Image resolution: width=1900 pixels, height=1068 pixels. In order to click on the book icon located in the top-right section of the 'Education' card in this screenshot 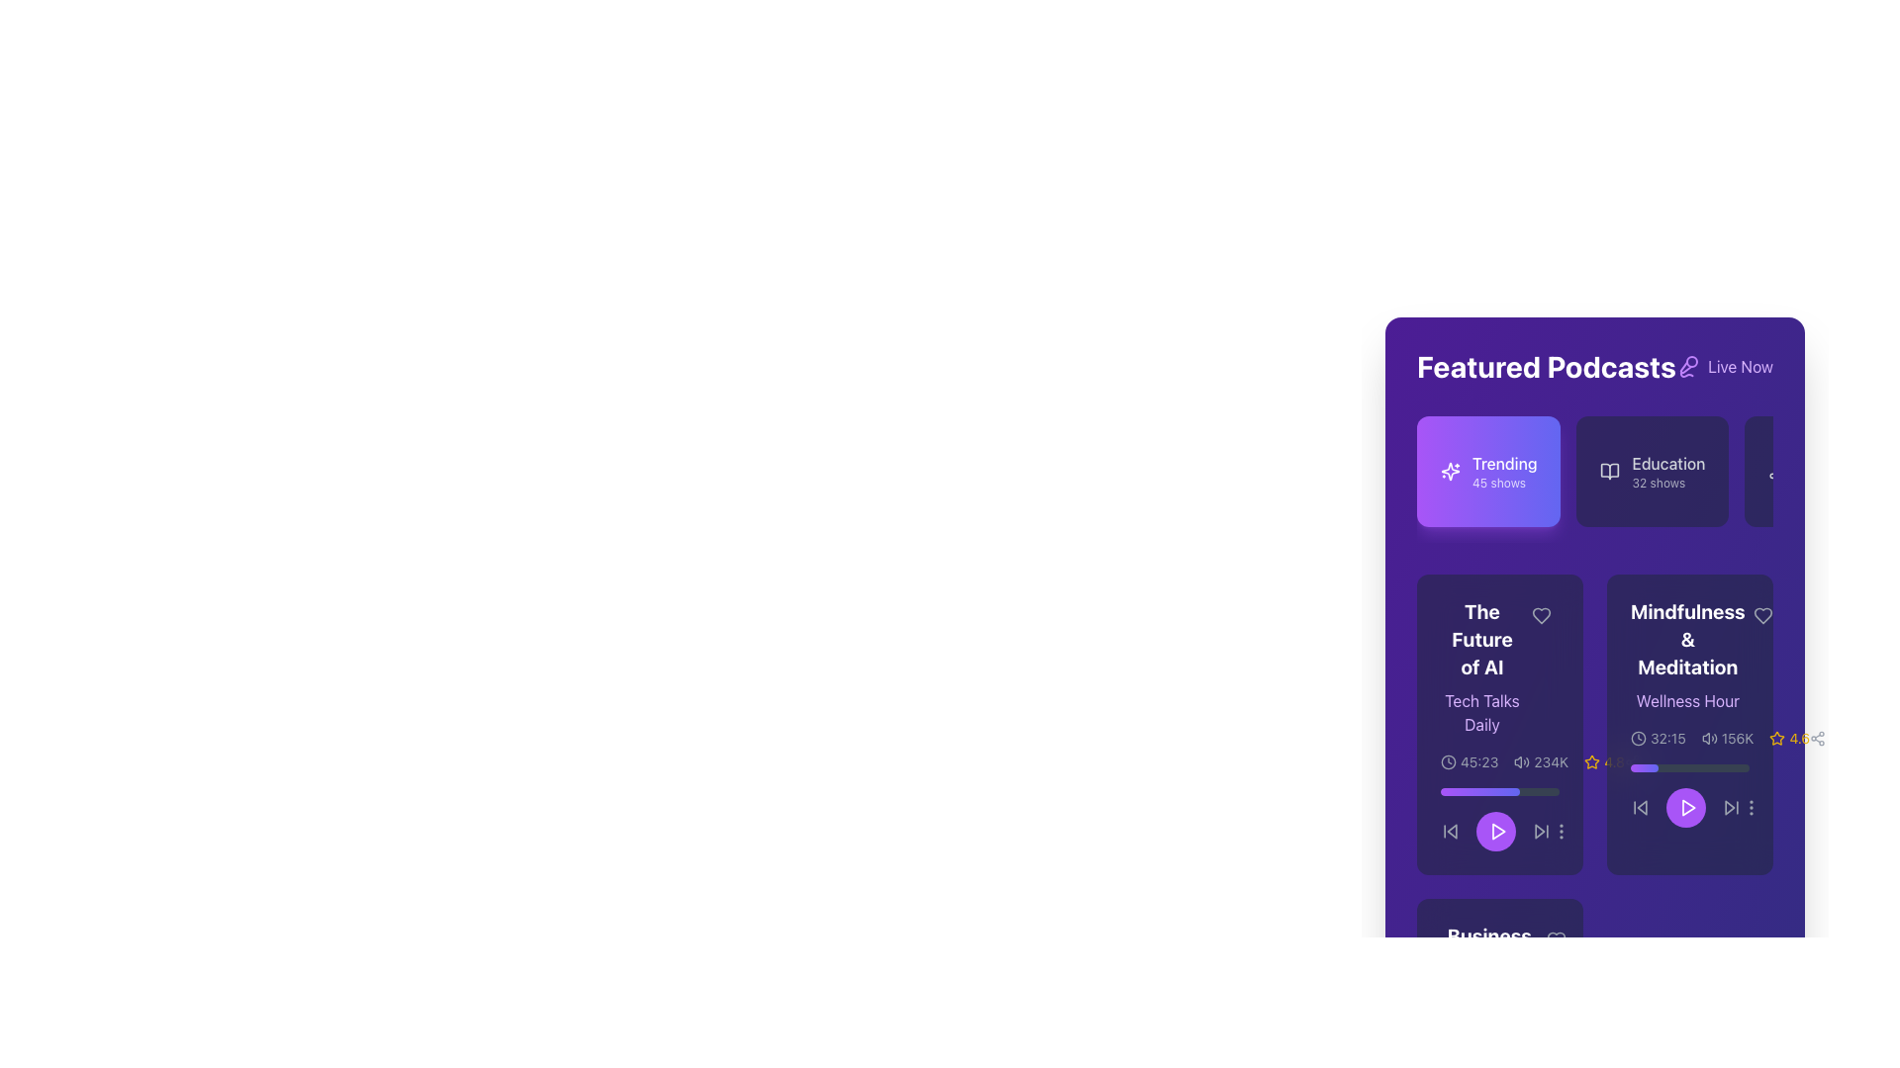, I will do `click(1610, 472)`.